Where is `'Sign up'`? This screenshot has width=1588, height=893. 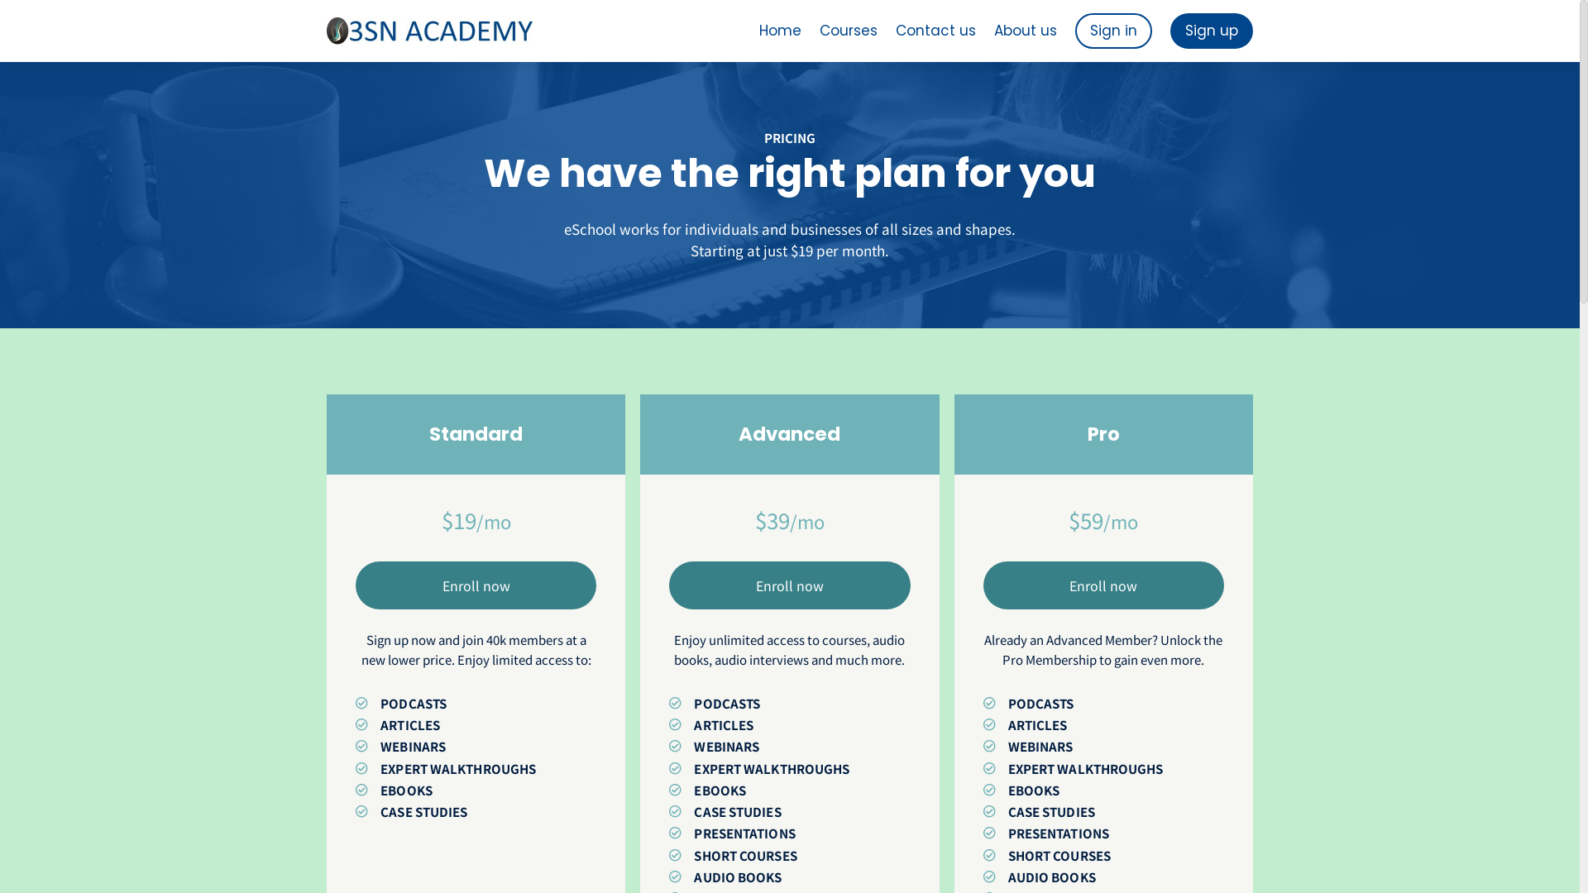
'Sign up' is located at coordinates (1211, 31).